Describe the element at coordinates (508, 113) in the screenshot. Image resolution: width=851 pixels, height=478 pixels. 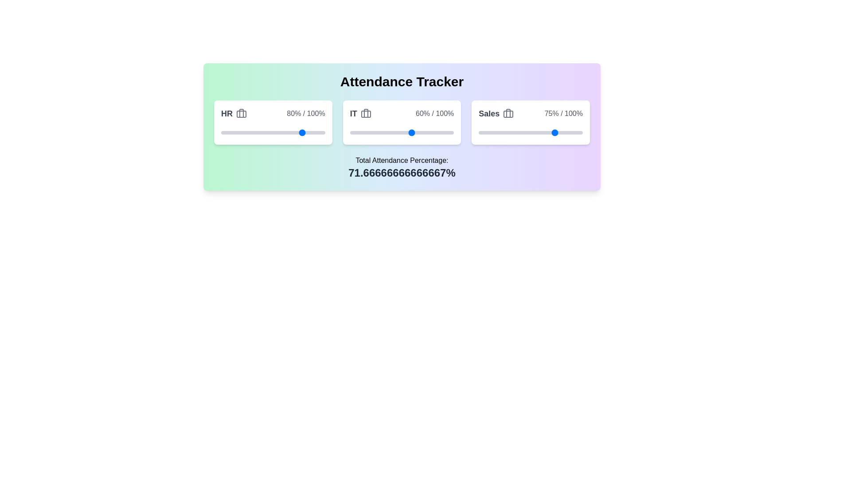
I see `the briefcase icon representing the 'Sales' department, located within the rightmost panel, to the left of the '75% / 100%' text and slightly below the 'Sales' title` at that location.